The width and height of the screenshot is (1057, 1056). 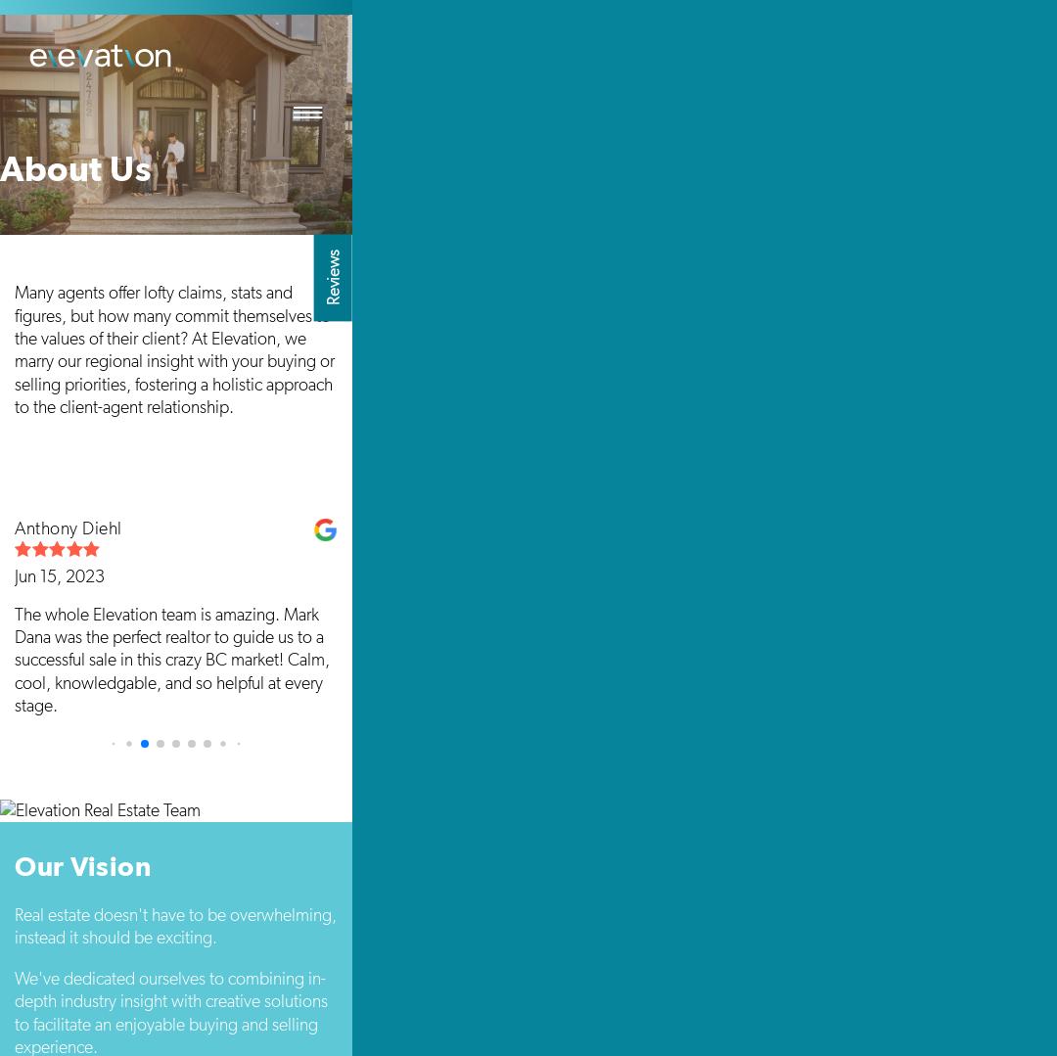 What do you see at coordinates (390, 528) in the screenshot?
I see `'Margaret Dahl'` at bounding box center [390, 528].